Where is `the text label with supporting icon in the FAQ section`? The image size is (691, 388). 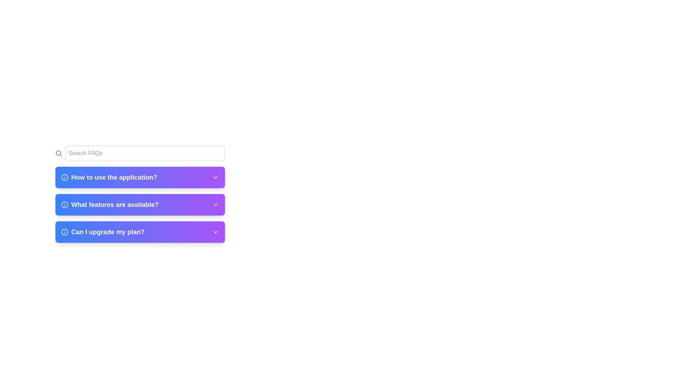
the text label with supporting icon in the FAQ section is located at coordinates (109, 205).